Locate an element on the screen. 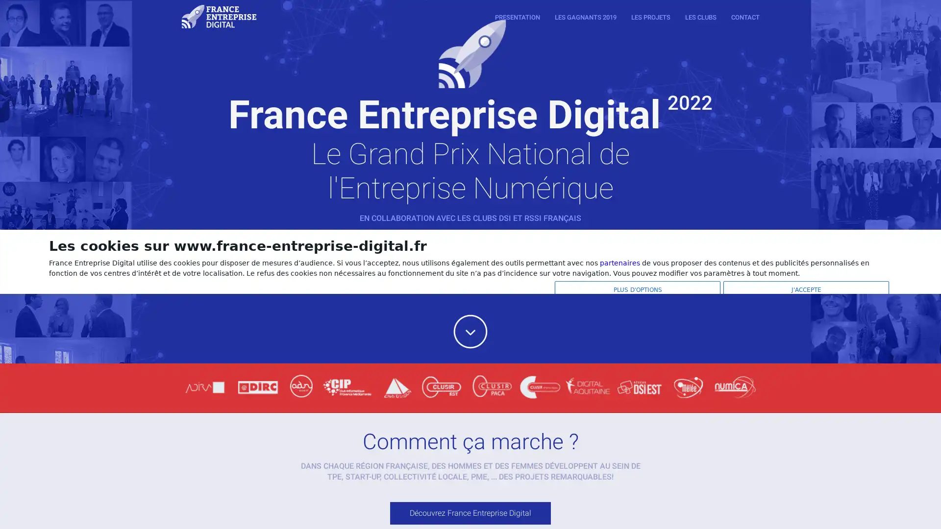 This screenshot has width=941, height=529. PLUS D'OPTIONS is located at coordinates (635, 290).